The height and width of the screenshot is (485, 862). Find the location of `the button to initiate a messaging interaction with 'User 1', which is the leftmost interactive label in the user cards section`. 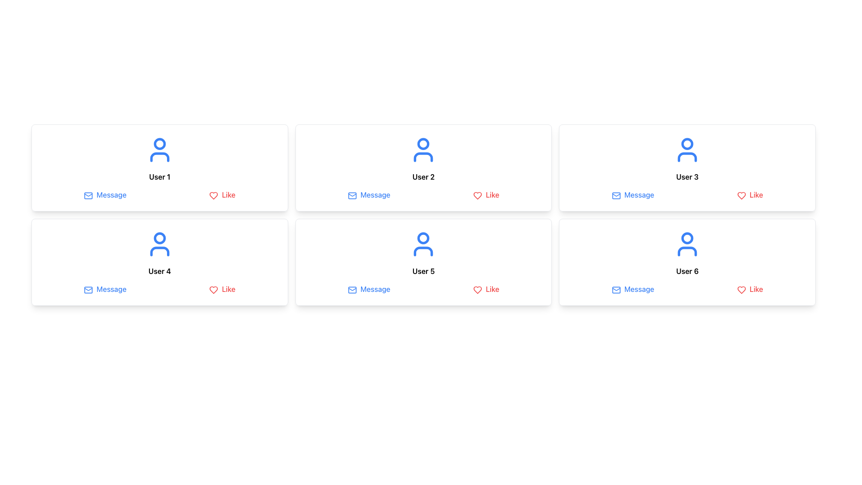

the button to initiate a messaging interaction with 'User 1', which is the leftmost interactive label in the user cards section is located at coordinates (105, 194).